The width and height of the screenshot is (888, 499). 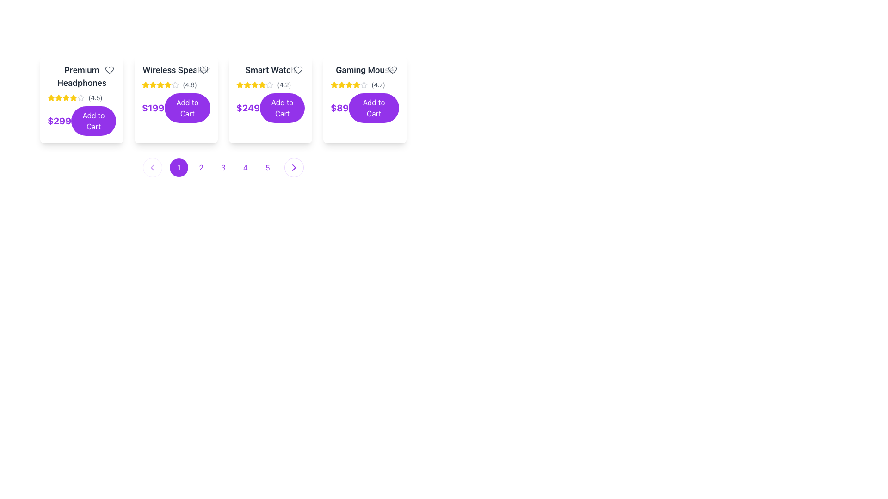 What do you see at coordinates (240, 85) in the screenshot?
I see `the third star icon in the rating section of the 'Smart Watch' product card to interact with it` at bounding box center [240, 85].